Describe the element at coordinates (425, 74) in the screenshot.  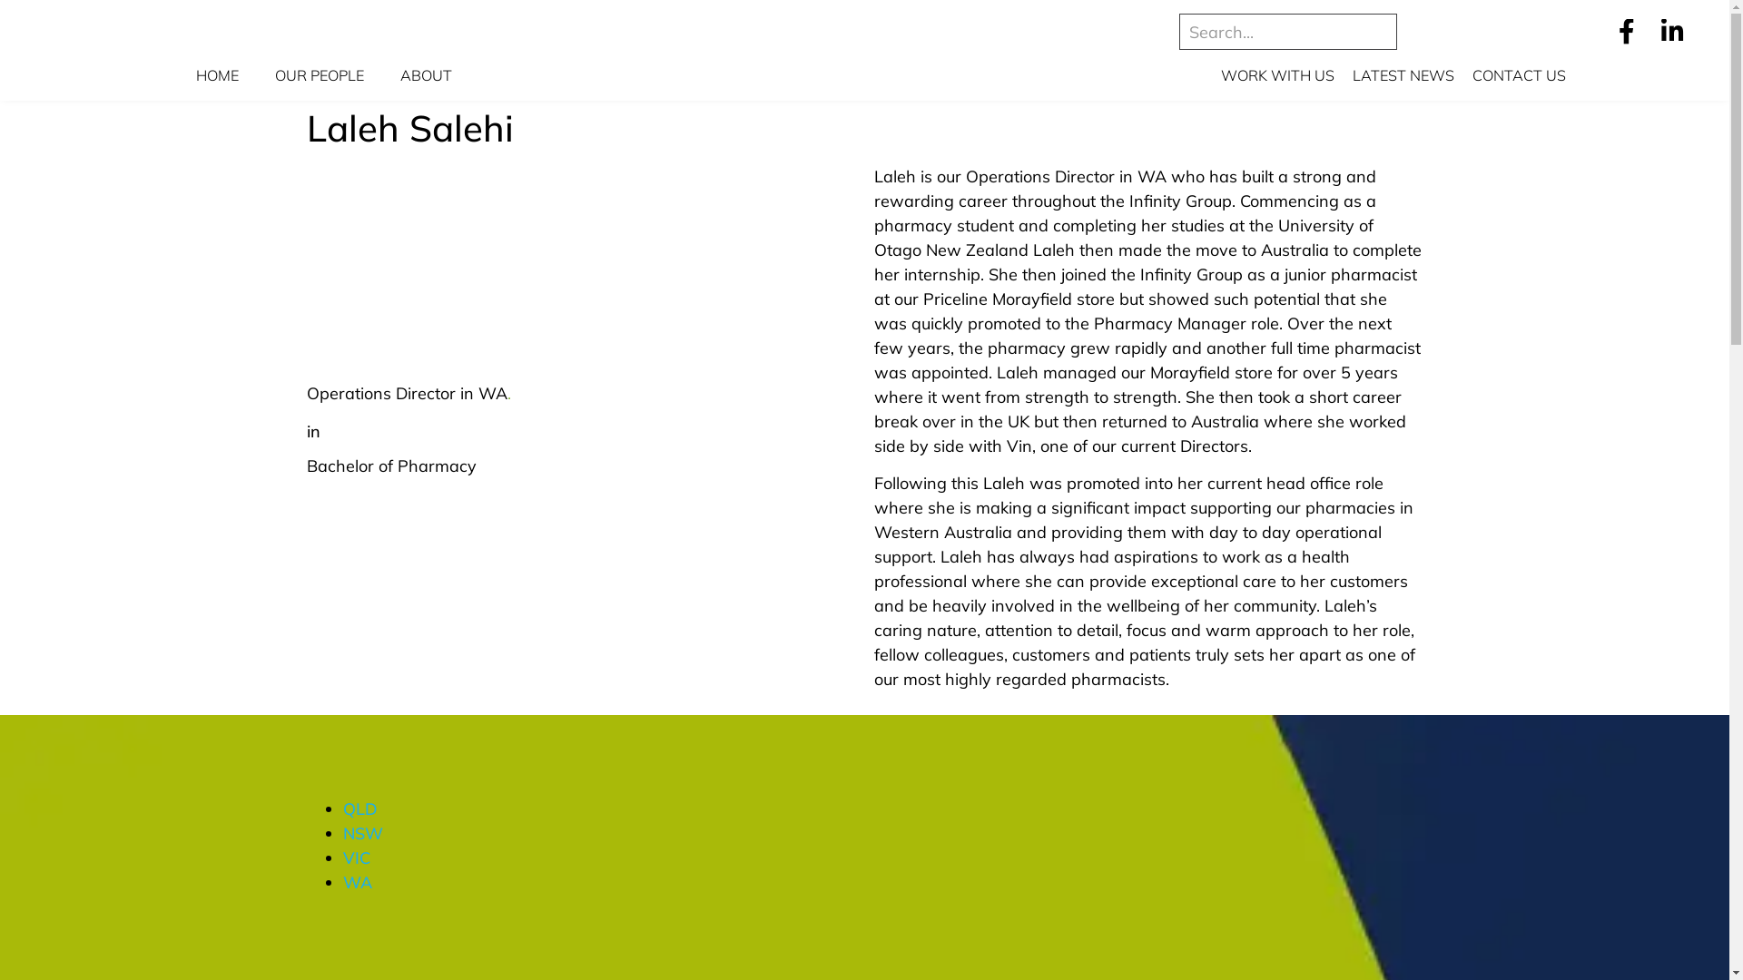
I see `'ABOUT'` at that location.